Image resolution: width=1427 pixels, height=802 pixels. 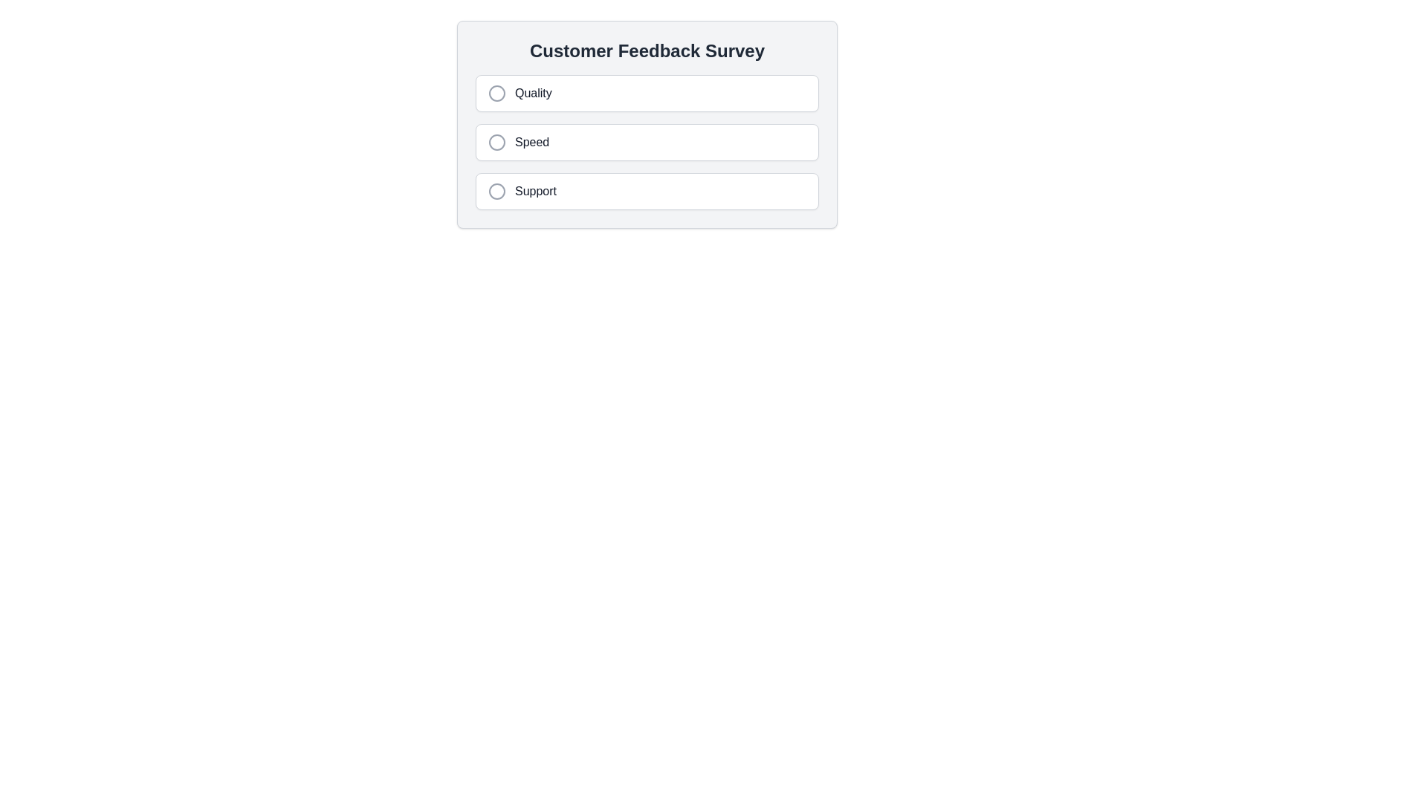 What do you see at coordinates (533, 94) in the screenshot?
I see `the text label displaying 'Quality' in bold and dark color, located next to the circular radio button in the first row of the survey form` at bounding box center [533, 94].